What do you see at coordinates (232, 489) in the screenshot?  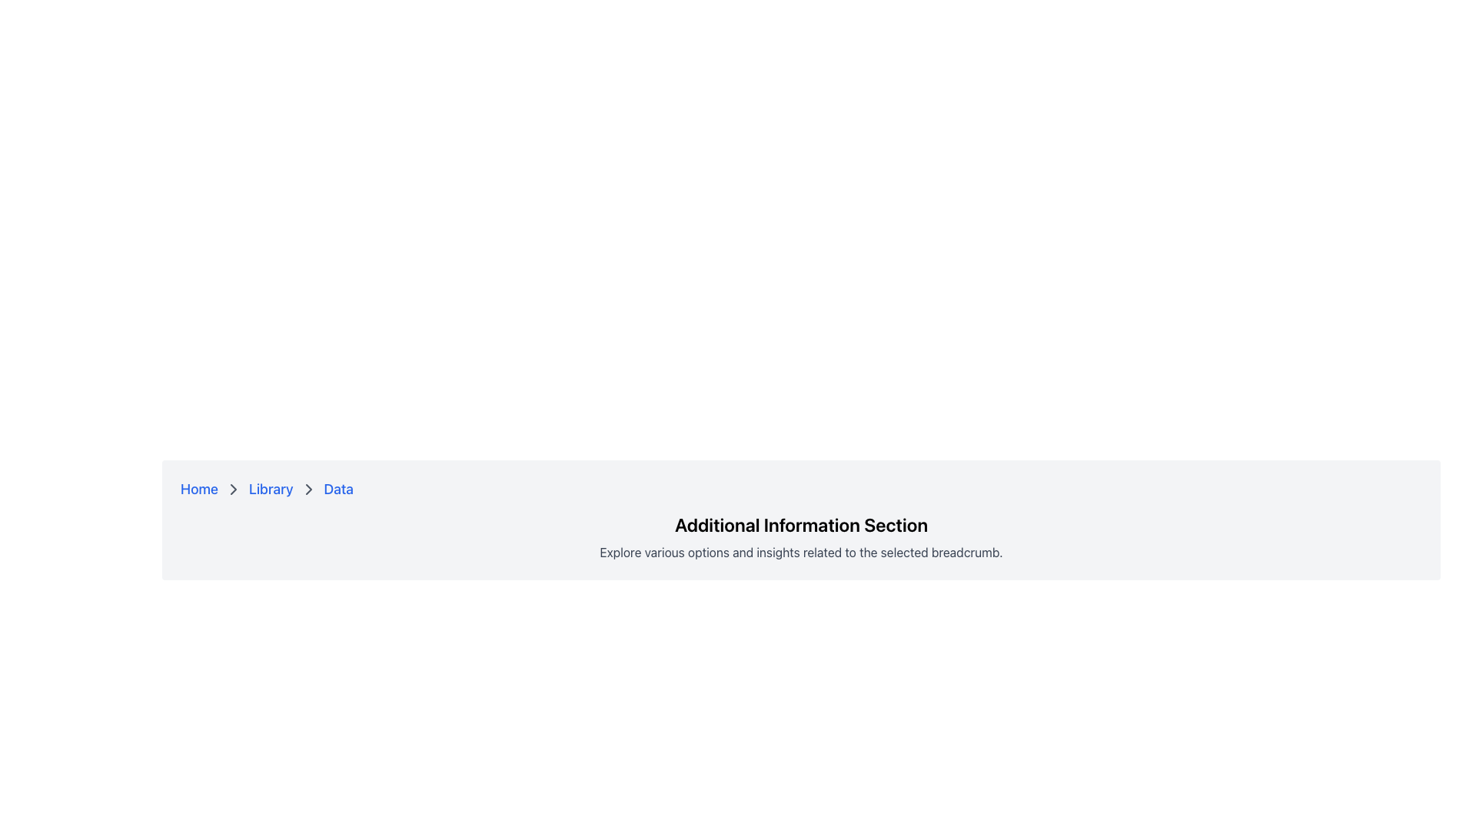 I see `the chevron breadcrumb separator icon located between 'Library' and 'Data' in the breadcrumb navigation bar` at bounding box center [232, 489].